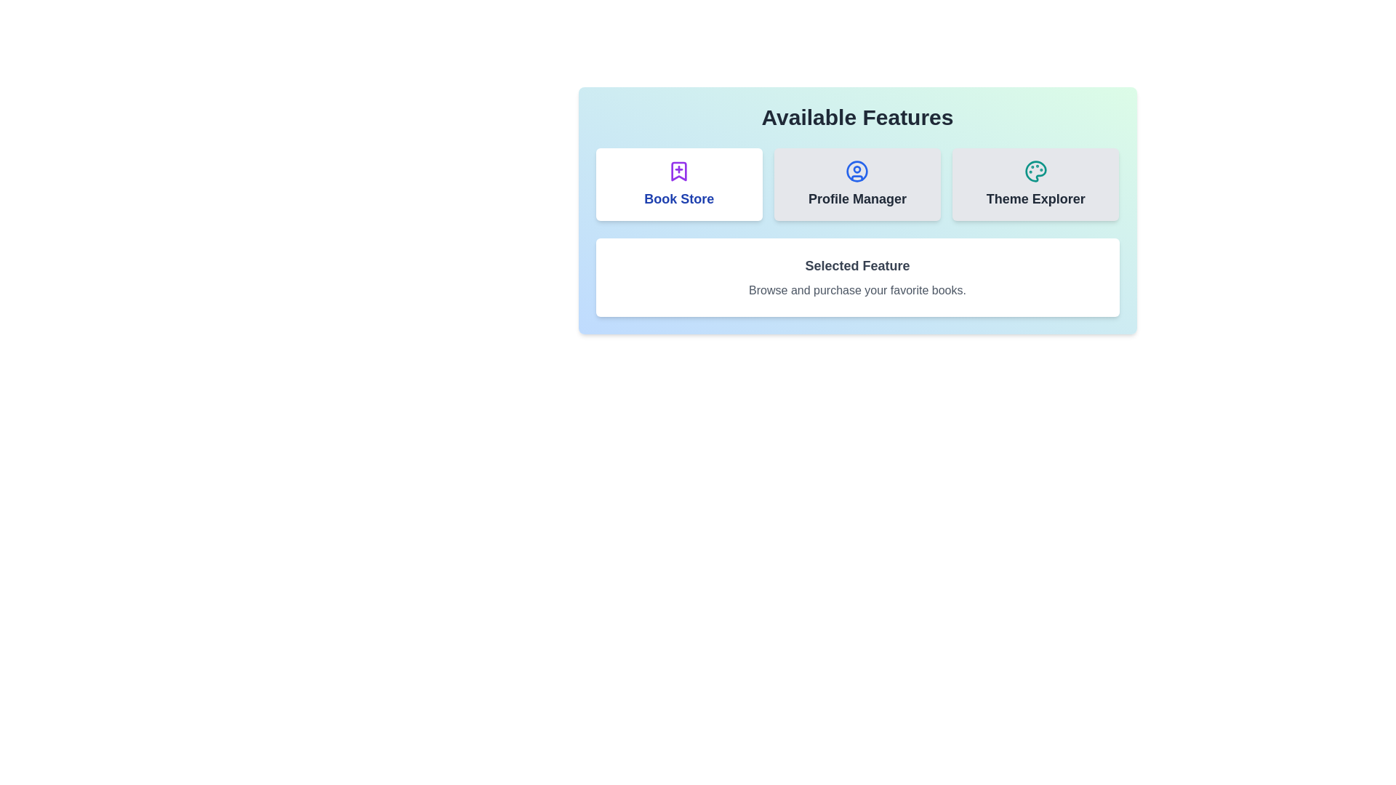 The image size is (1396, 785). I want to click on the text label reading 'Theme Explorer' which is styled in bold and located beneath an icon resembling a palette, positioned within the bottom section of the third card in a horizontal row of feature selectors, so click(1035, 198).